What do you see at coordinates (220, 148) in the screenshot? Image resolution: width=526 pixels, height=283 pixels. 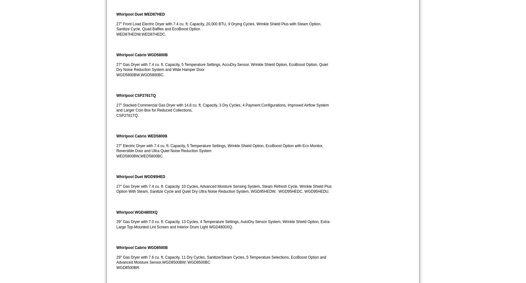 I see `'27" Electric Dryer with 7.4 cu. ft. Capacity, 5 Temperature Settings, Wrinkle Shield Option, EcoBoost Option with Eco Monitor, Reversible Door and Ultra Quiet Noise Reduction System'` at bounding box center [220, 148].